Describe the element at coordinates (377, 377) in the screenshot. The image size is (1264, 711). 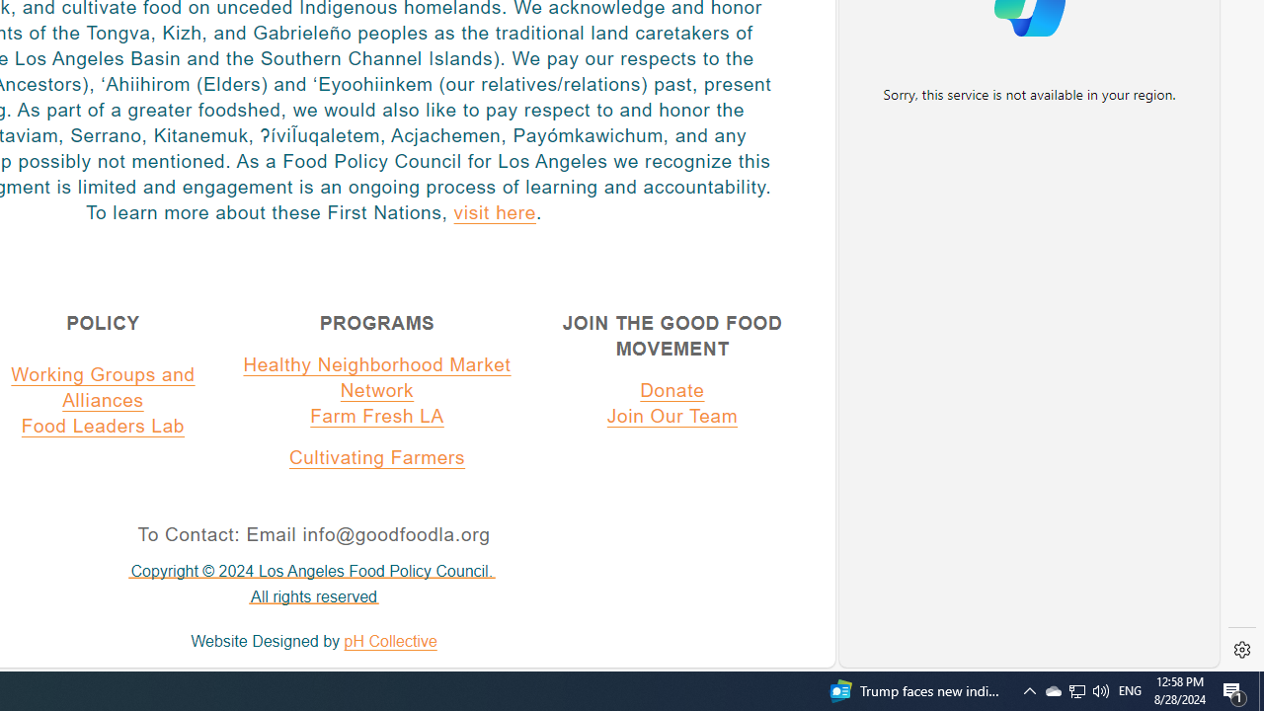
I see `'Healthy Neighborhood Market Network'` at that location.